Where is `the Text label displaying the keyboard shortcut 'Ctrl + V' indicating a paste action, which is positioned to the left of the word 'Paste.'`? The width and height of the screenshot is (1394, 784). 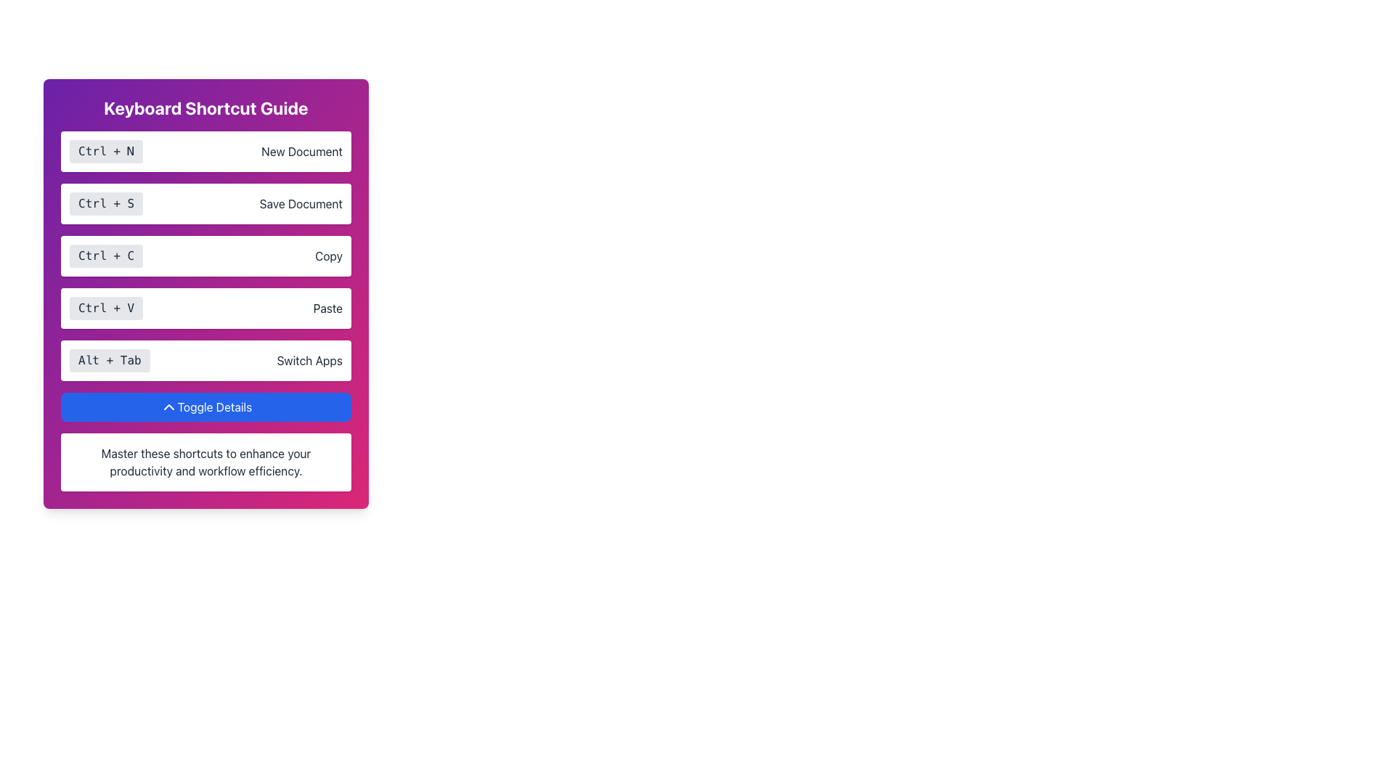 the Text label displaying the keyboard shortcut 'Ctrl + V' indicating a paste action, which is positioned to the left of the word 'Paste.' is located at coordinates (105, 307).